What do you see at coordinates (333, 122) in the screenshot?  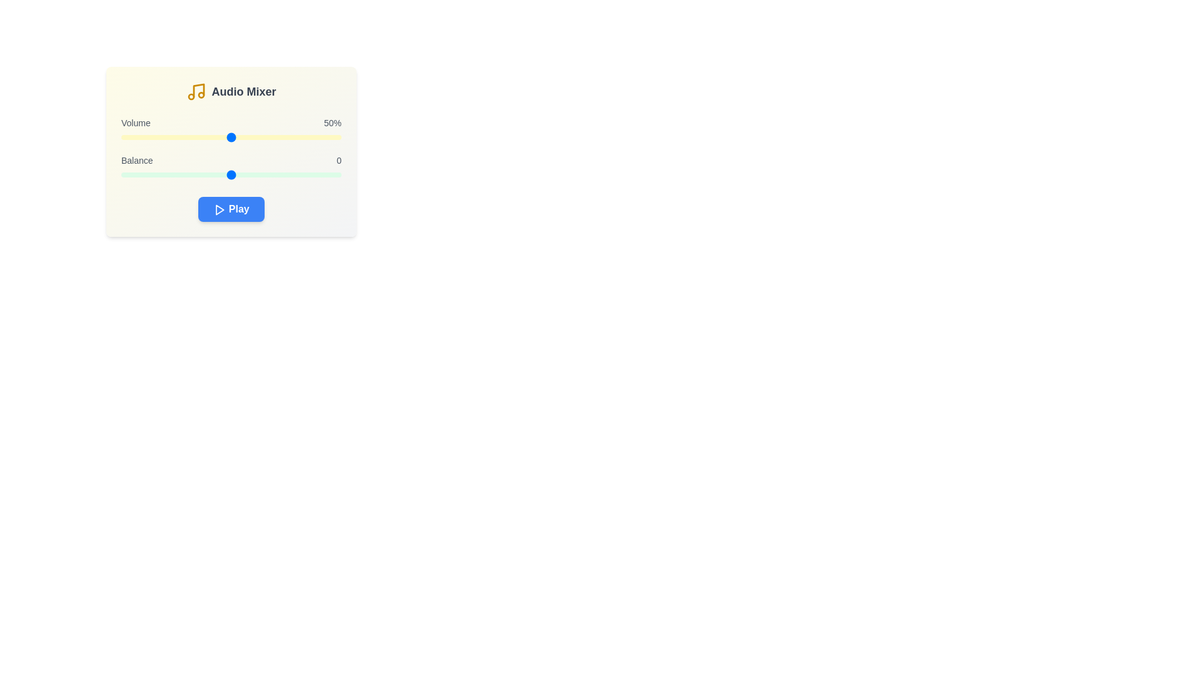 I see `the static text label displaying '50%' in dark gray font, positioned to the right of the 'Volume' label within the 'Audio Mixer' card` at bounding box center [333, 122].